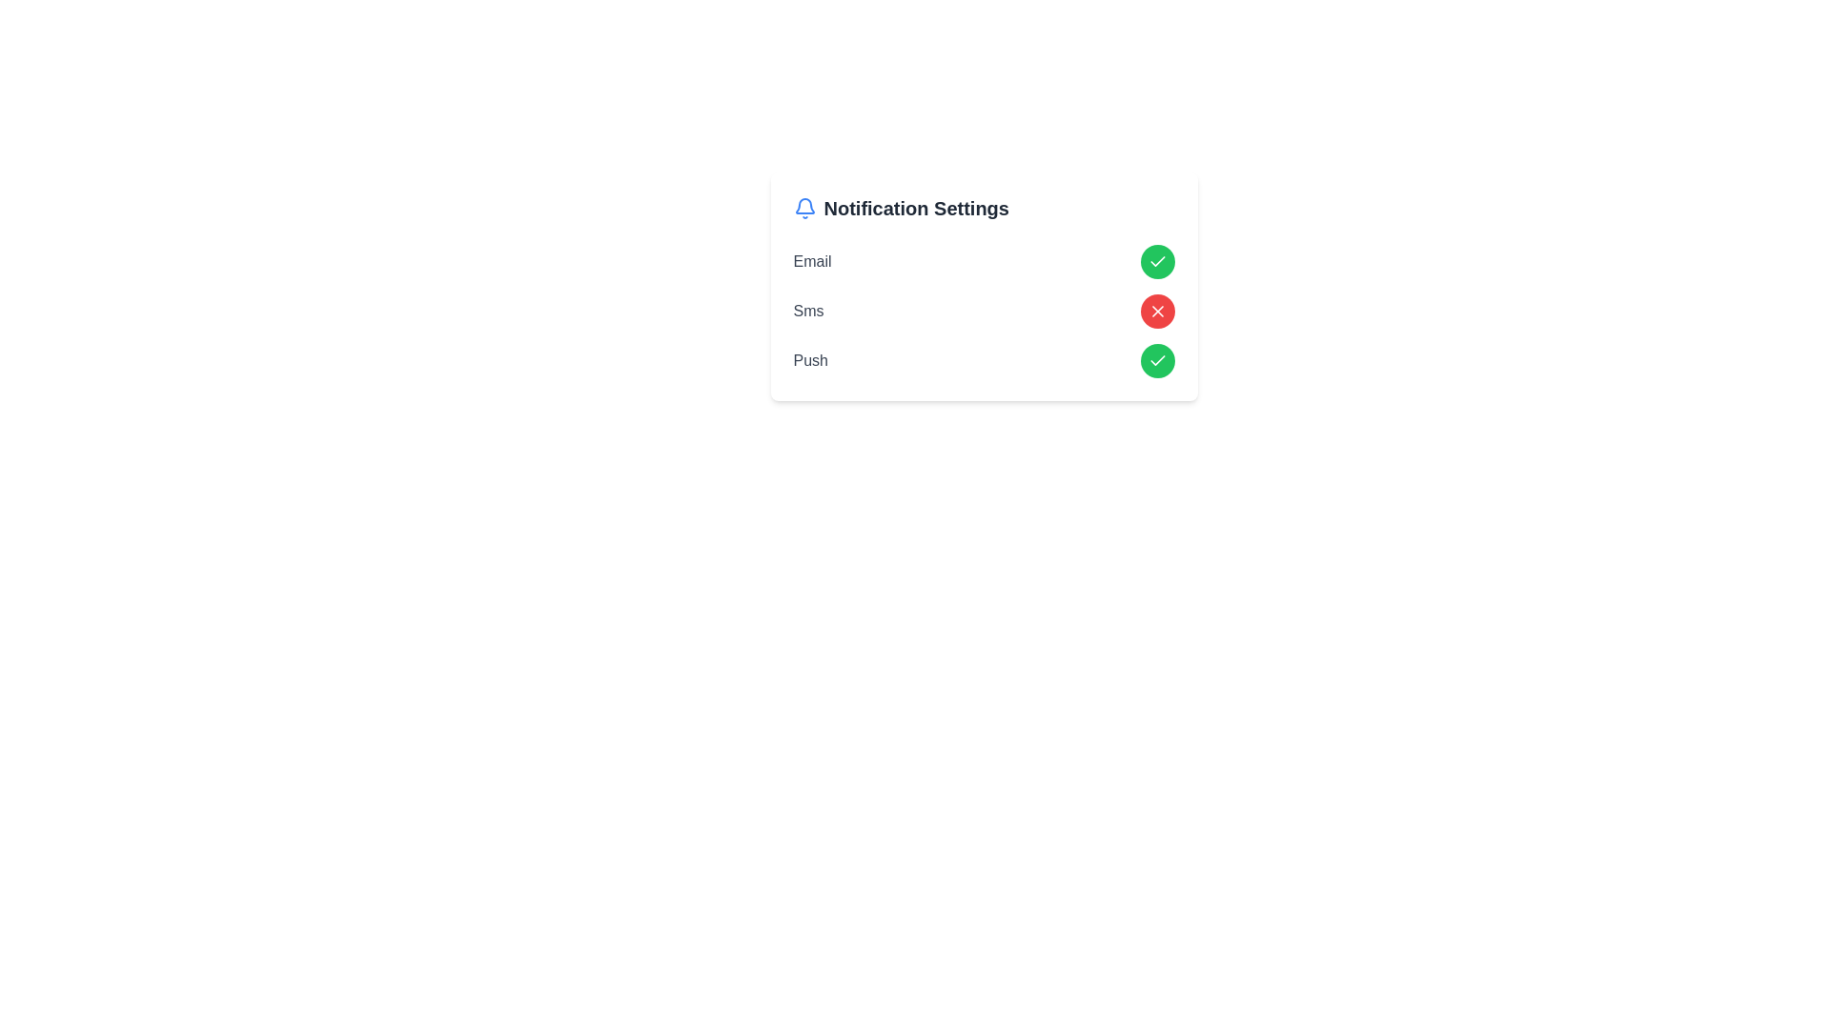  Describe the element at coordinates (1156, 360) in the screenshot. I see `the Push notification setting icon, which is the third item in the third row of the Notification Settings card with a green background` at that location.